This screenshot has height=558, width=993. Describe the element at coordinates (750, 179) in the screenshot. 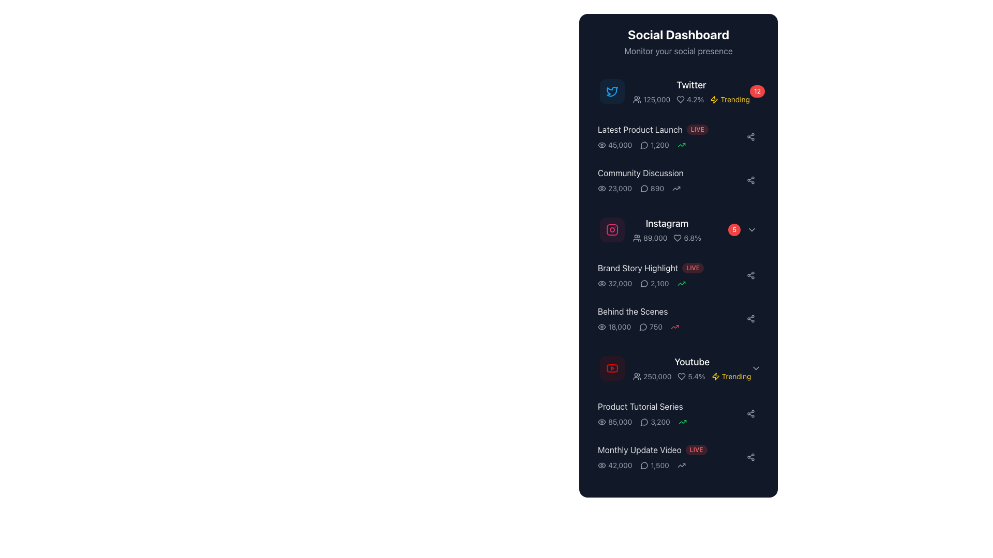

I see `the sharing button located to the far right of the 'Community Discussion' section in the social dashboard panel to observe a background color change` at that location.